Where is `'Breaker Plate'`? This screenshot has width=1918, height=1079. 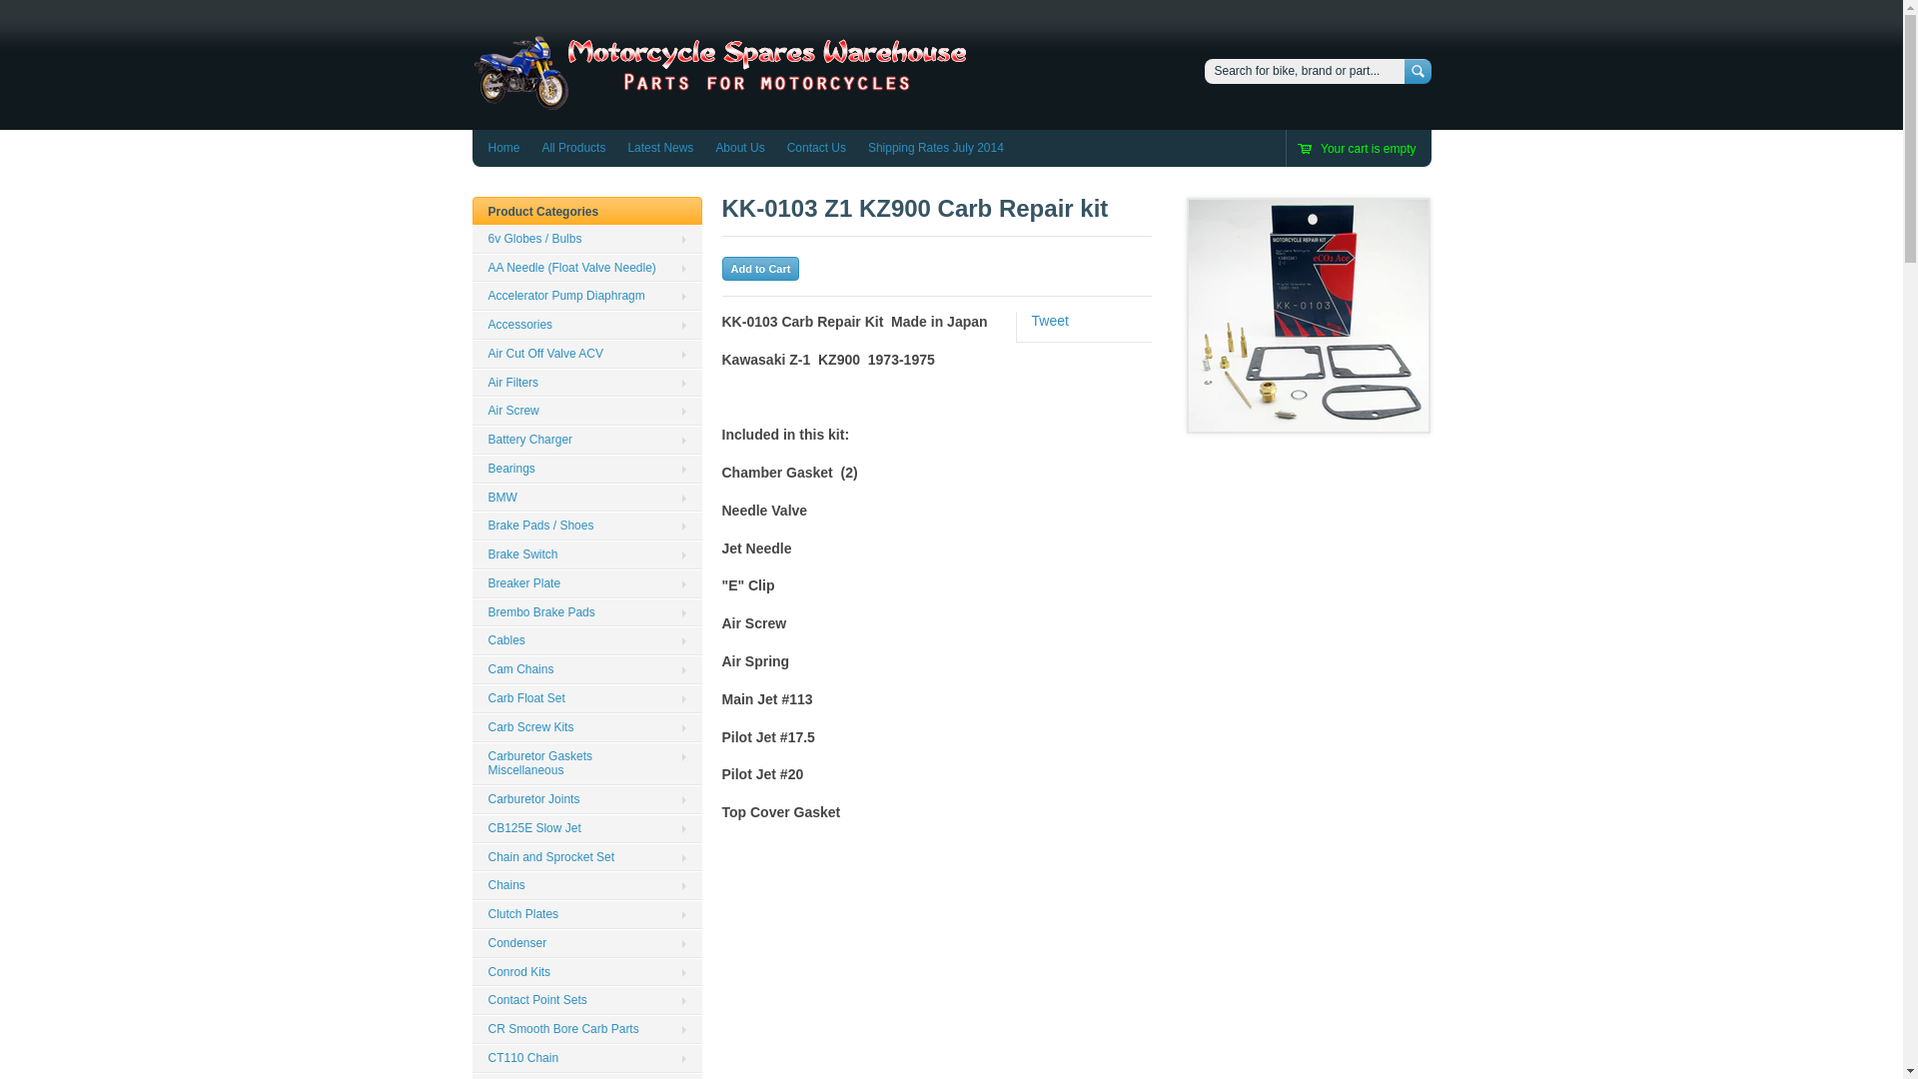
'Breaker Plate' is located at coordinates (584, 583).